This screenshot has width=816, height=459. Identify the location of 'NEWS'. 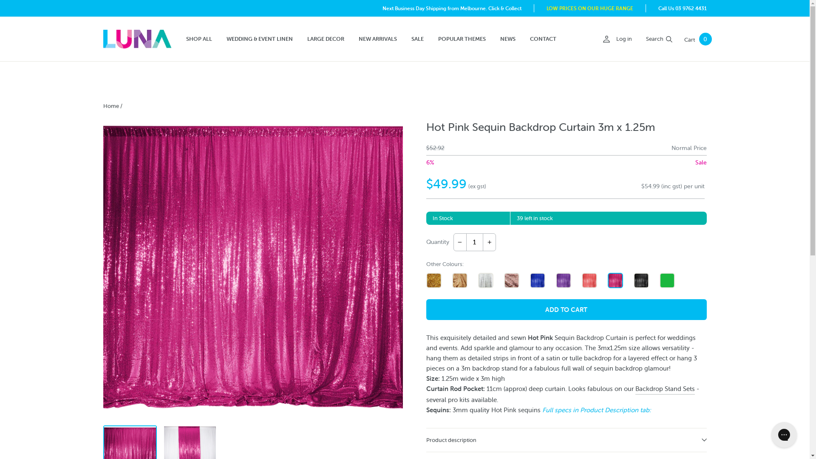
(508, 39).